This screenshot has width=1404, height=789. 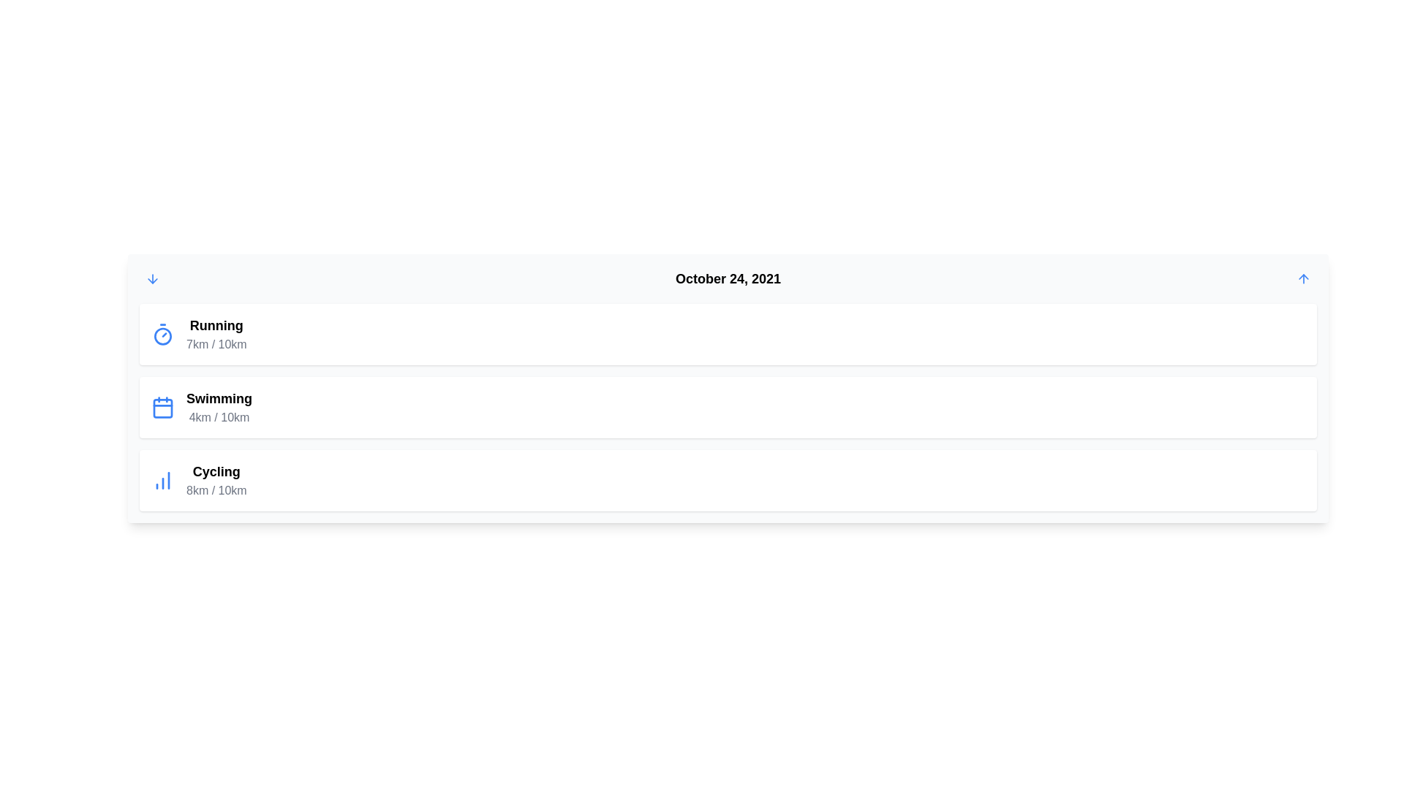 What do you see at coordinates (216, 344) in the screenshot?
I see `the informational text label indicating progress, which shows that 7 kilometers out of 10 have been completed, positioned below the 'Running' header` at bounding box center [216, 344].